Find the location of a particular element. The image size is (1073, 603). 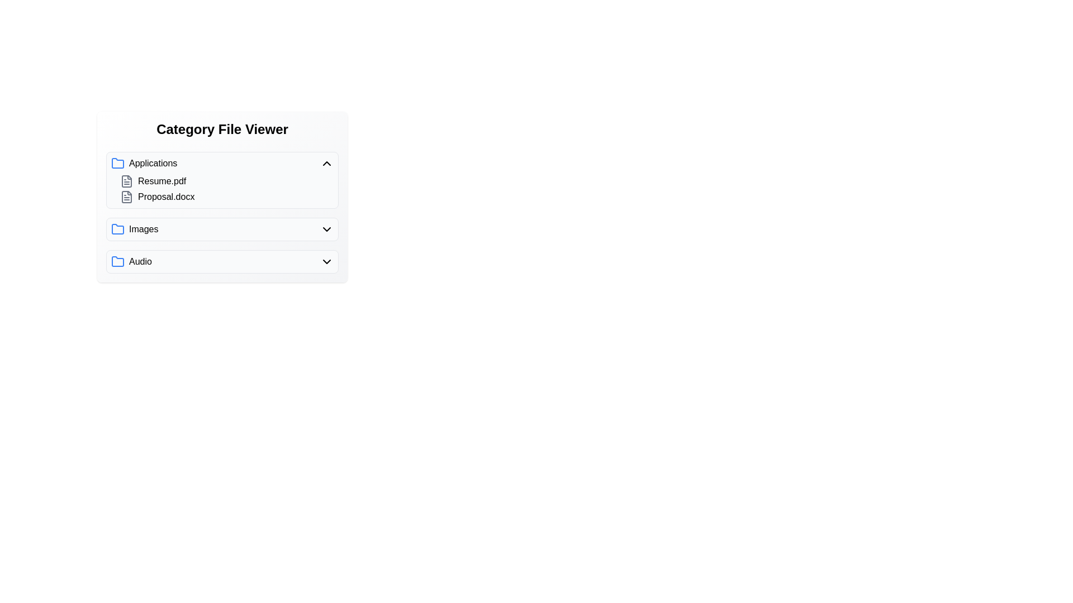

the file text 'Resume.pdf' to highlight it is located at coordinates (126, 180).